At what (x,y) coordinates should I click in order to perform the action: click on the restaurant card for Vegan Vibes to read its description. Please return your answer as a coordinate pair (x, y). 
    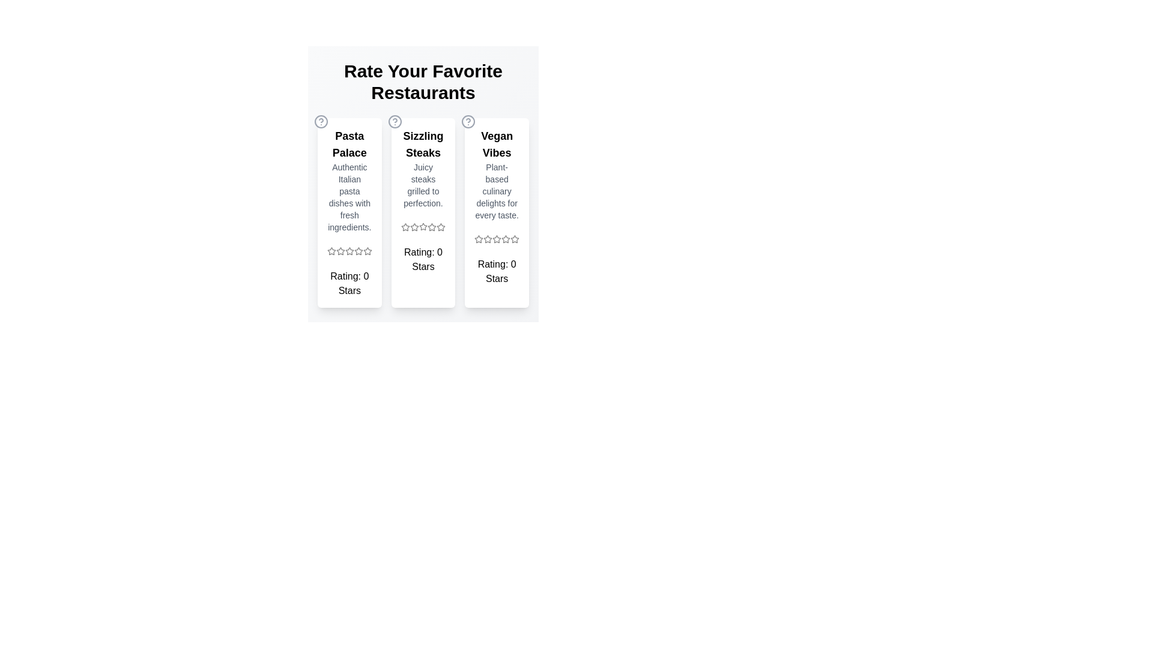
    Looking at the image, I should click on (496, 212).